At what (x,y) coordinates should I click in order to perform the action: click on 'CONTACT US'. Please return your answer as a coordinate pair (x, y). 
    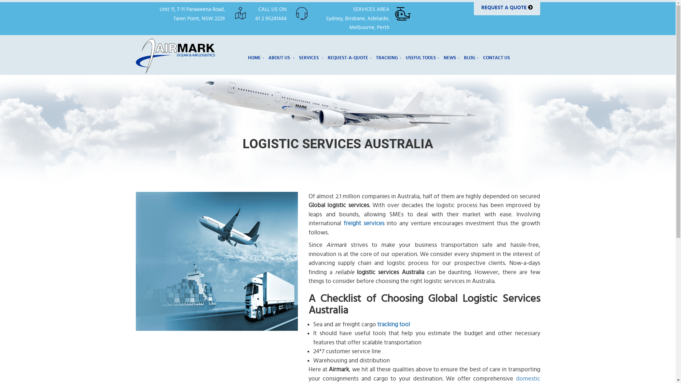
    Looking at the image, I should click on (482, 57).